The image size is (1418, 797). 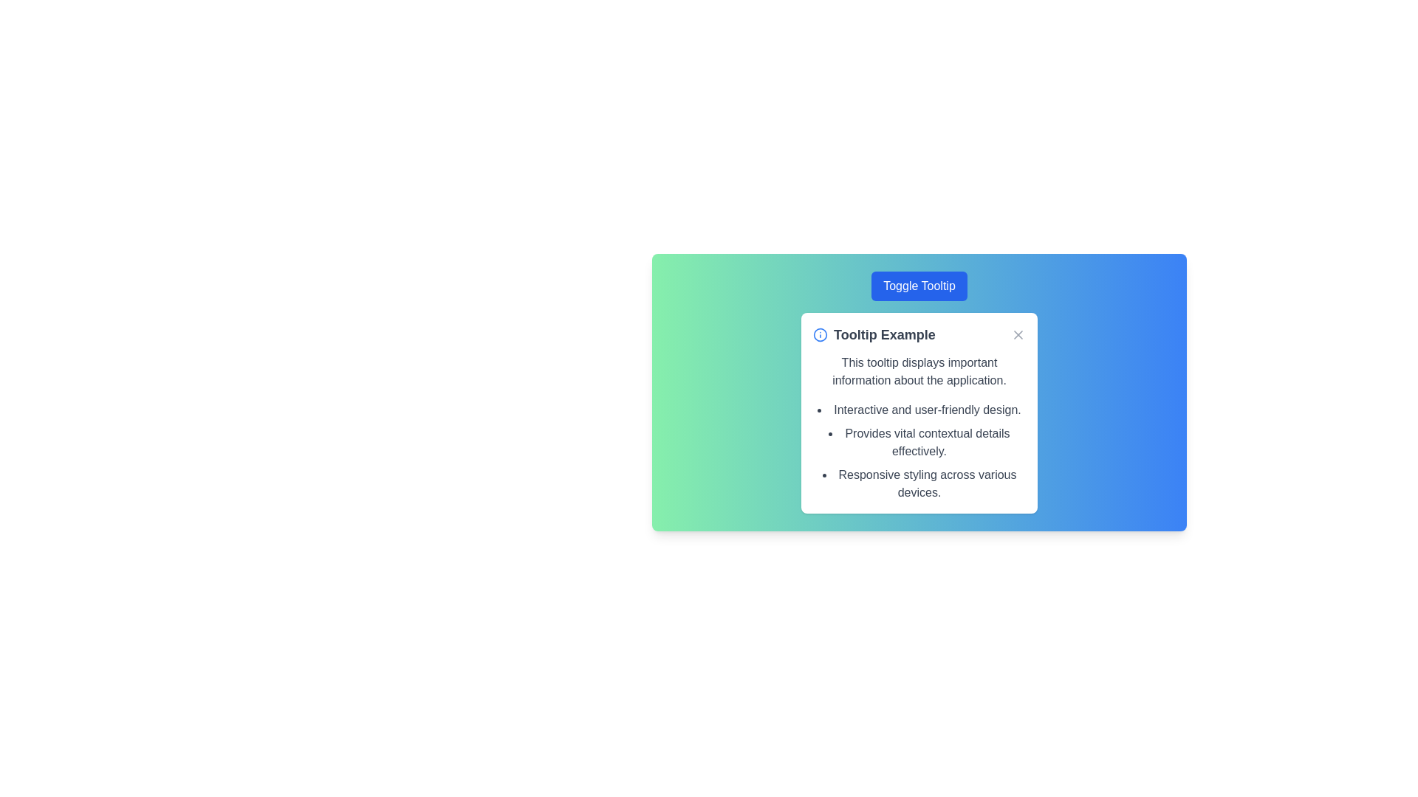 I want to click on the second item in a vertical bullet list within the tooltip to read the descriptive content, so click(x=918, y=442).